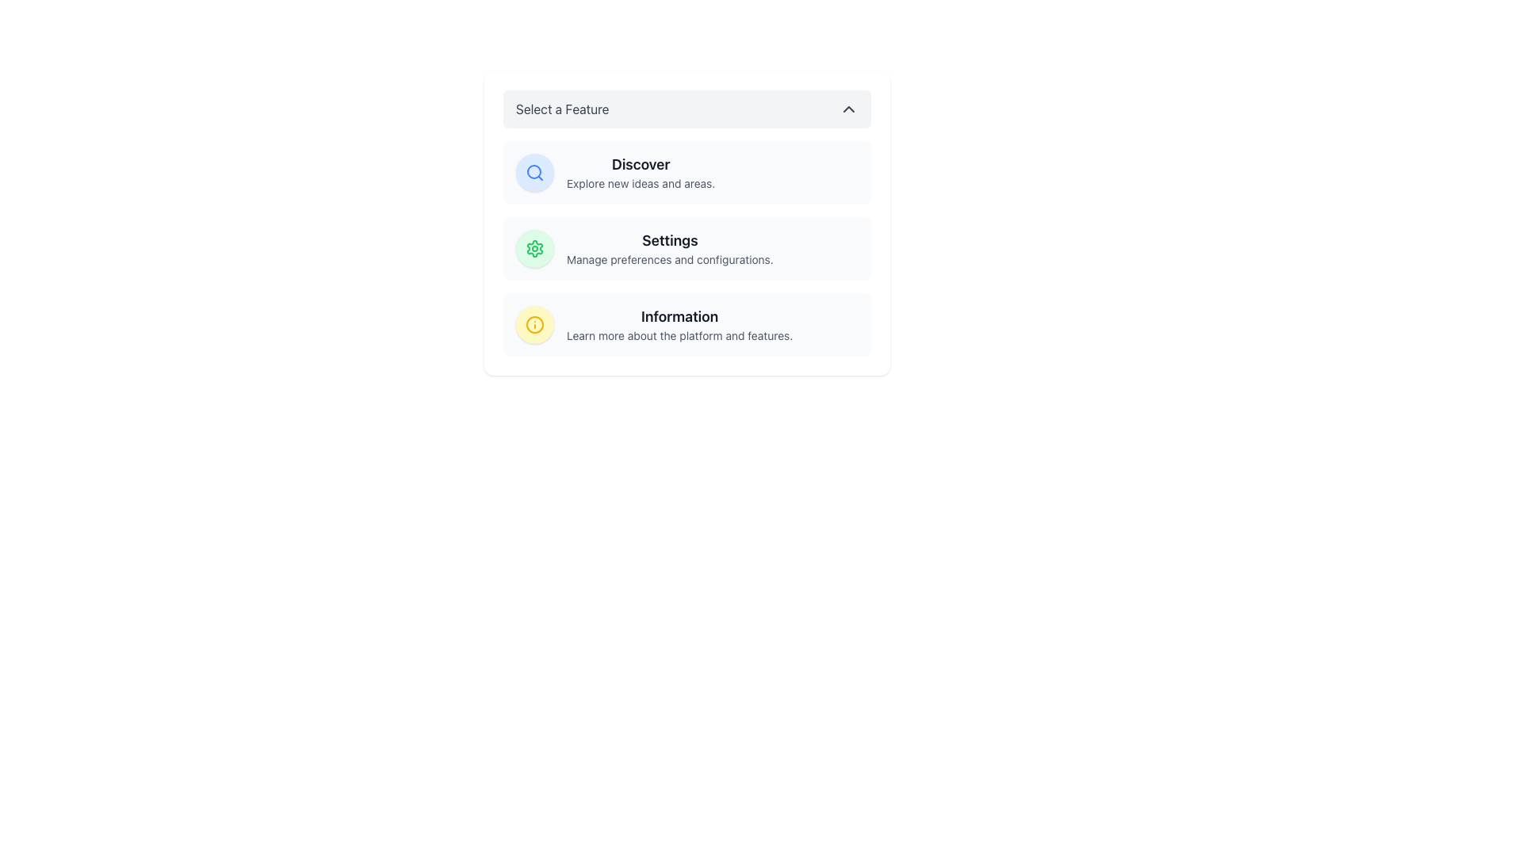 This screenshot has width=1522, height=856. What do you see at coordinates (687, 223) in the screenshot?
I see `the second selectable option in the dropdown menu labeled 'Select a Feature' to go to the settings page` at bounding box center [687, 223].